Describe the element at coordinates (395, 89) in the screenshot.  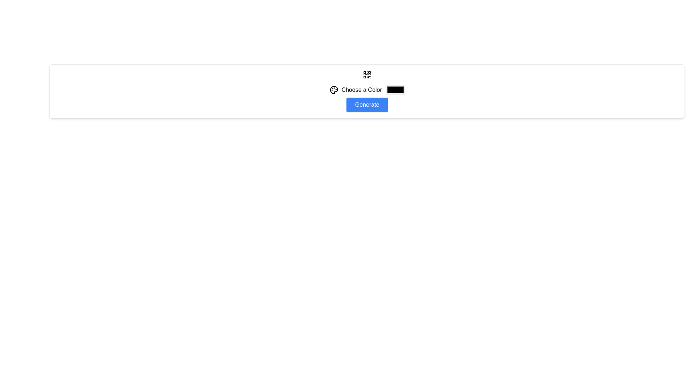
I see `the solid black color picker input field located to the right of the text 'Choose a Color'` at that location.